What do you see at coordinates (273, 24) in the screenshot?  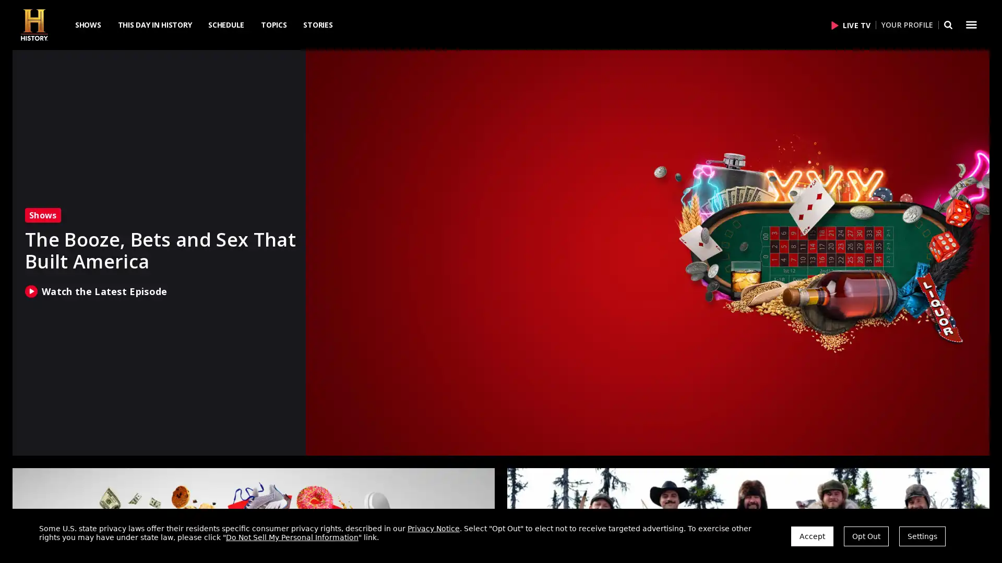 I see `TOPICS` at bounding box center [273, 24].